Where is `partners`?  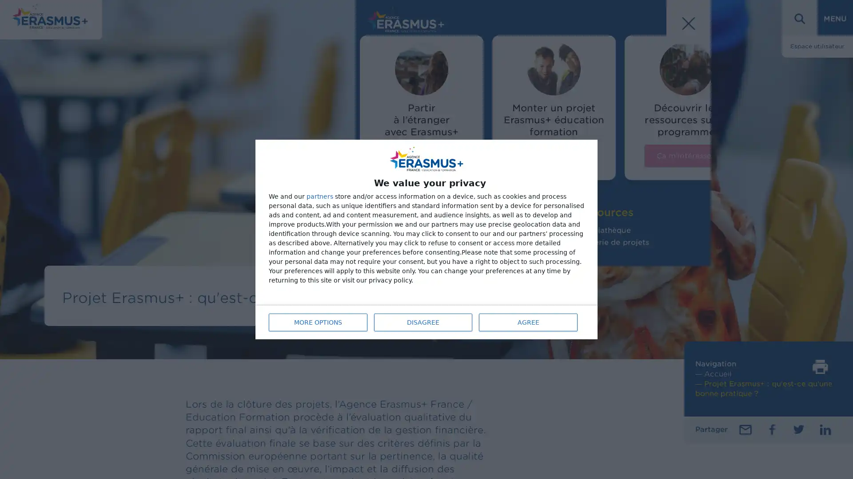 partners is located at coordinates (320, 196).